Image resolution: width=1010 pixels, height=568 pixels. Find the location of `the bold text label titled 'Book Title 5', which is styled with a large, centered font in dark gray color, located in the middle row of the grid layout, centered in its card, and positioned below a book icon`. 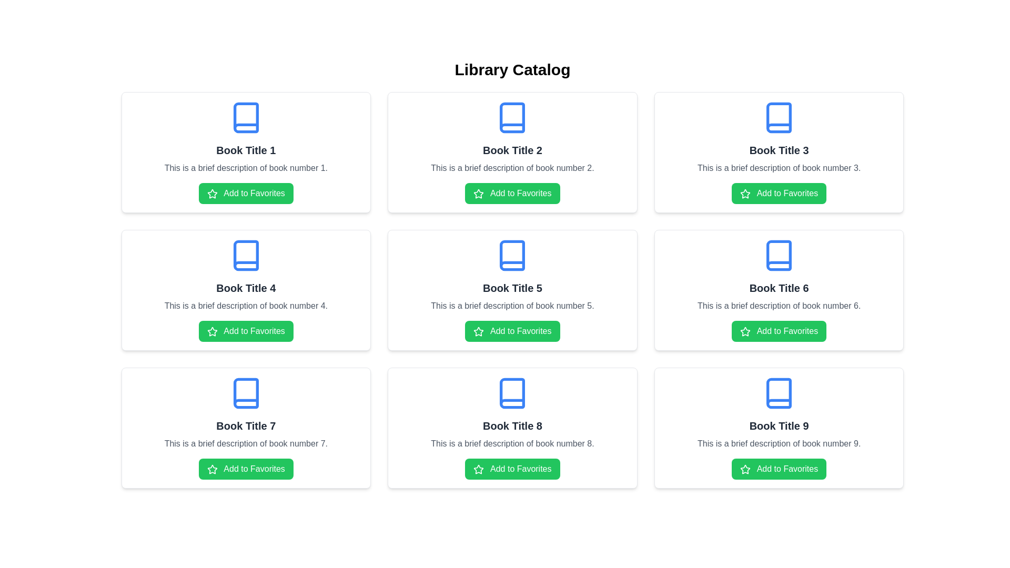

the bold text label titled 'Book Title 5', which is styled with a large, centered font in dark gray color, located in the middle row of the grid layout, centered in its card, and positioned below a book icon is located at coordinates (512, 288).